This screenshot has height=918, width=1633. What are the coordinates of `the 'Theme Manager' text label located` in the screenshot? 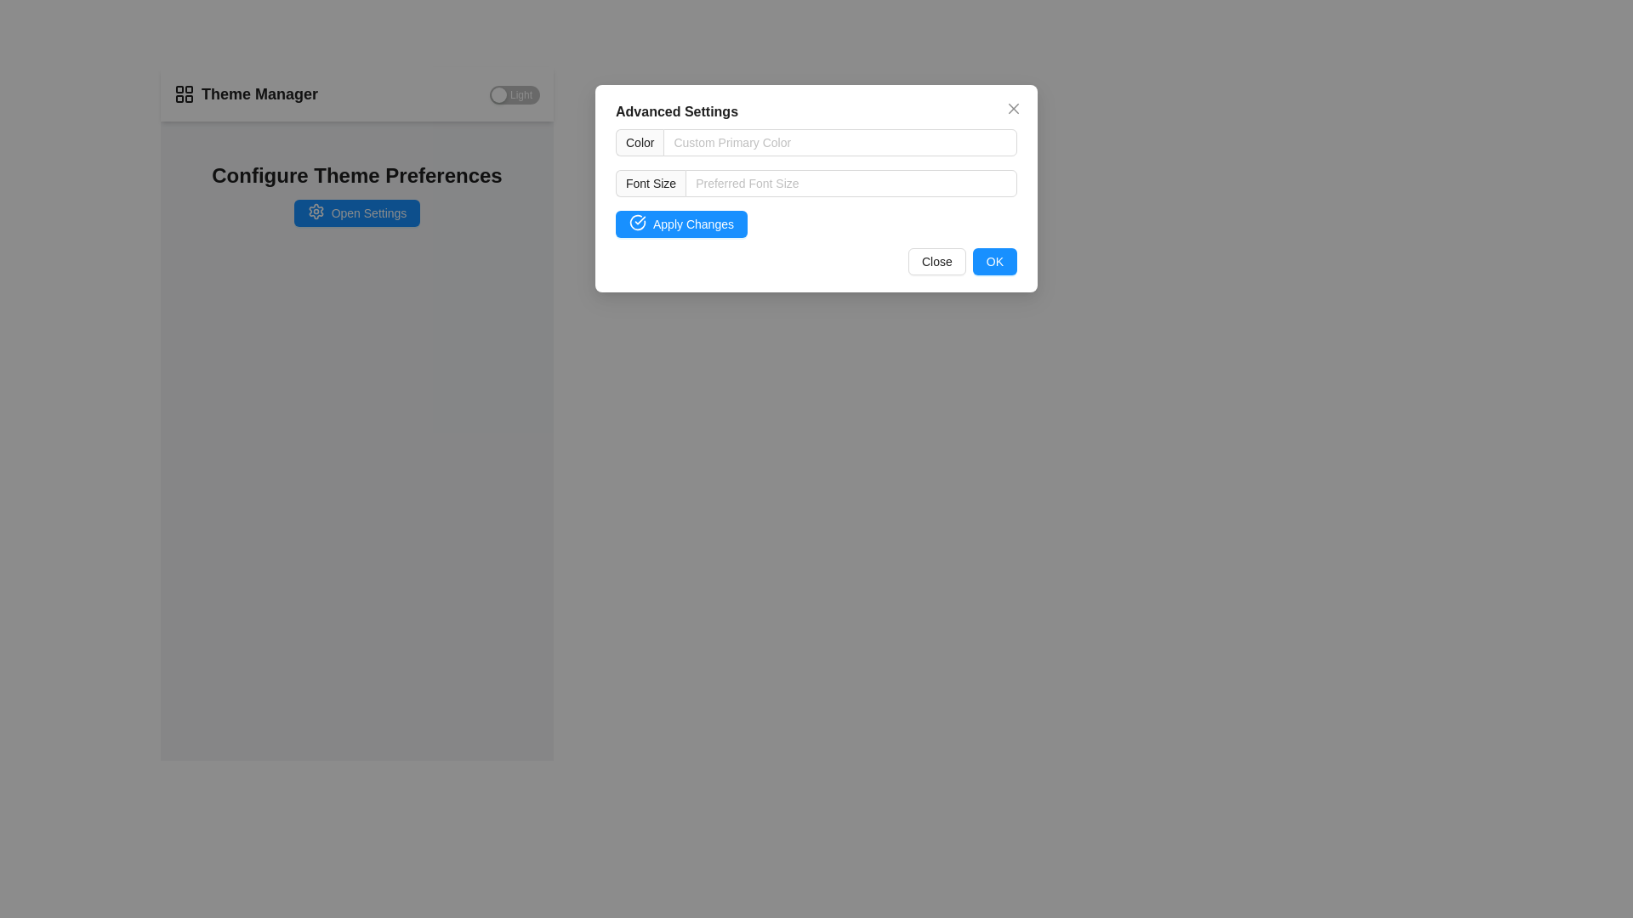 It's located at (259, 94).